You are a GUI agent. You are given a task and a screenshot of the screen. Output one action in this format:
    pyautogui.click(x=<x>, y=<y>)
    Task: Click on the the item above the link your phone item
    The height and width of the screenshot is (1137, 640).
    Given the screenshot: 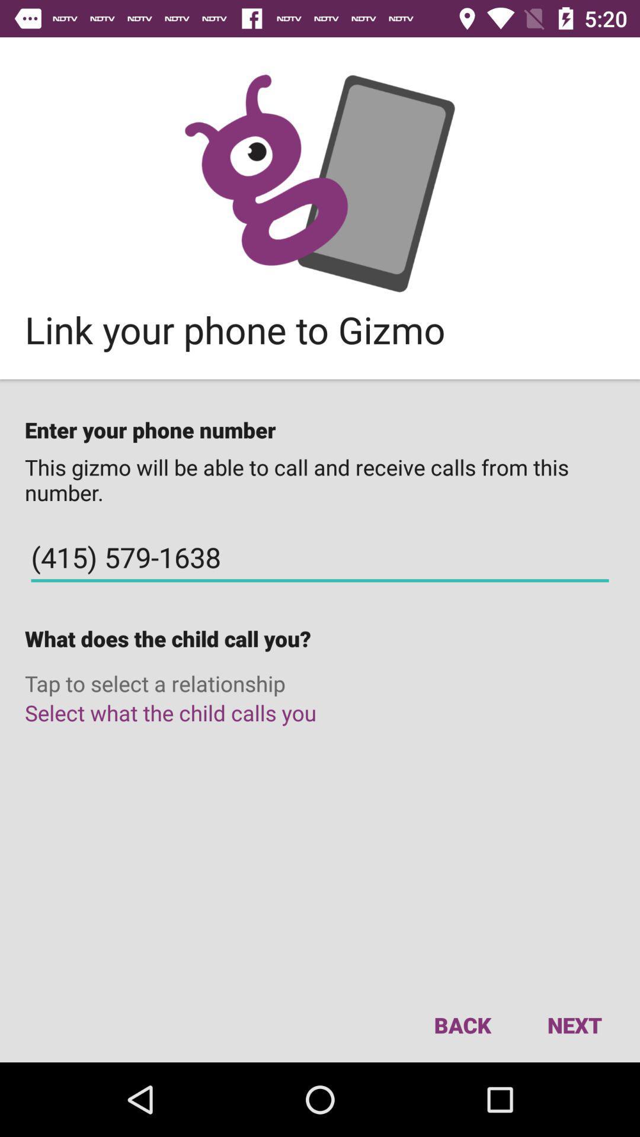 What is the action you would take?
    pyautogui.click(x=320, y=182)
    